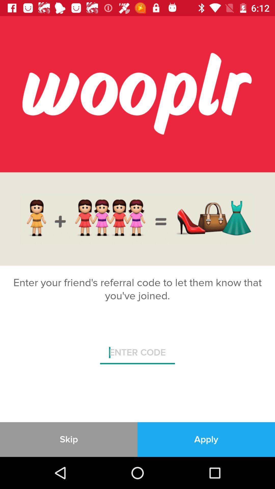  What do you see at coordinates (206, 439) in the screenshot?
I see `the item next to skip icon` at bounding box center [206, 439].